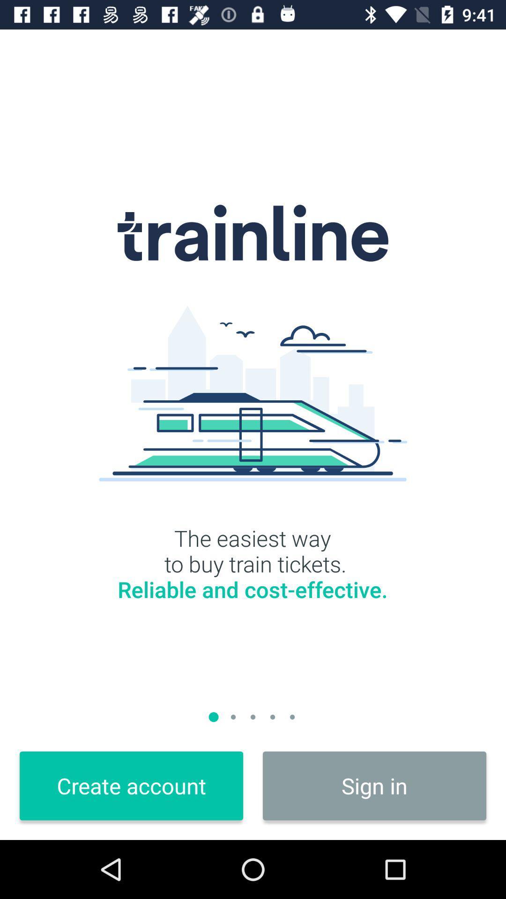  I want to click on sign in item, so click(374, 786).